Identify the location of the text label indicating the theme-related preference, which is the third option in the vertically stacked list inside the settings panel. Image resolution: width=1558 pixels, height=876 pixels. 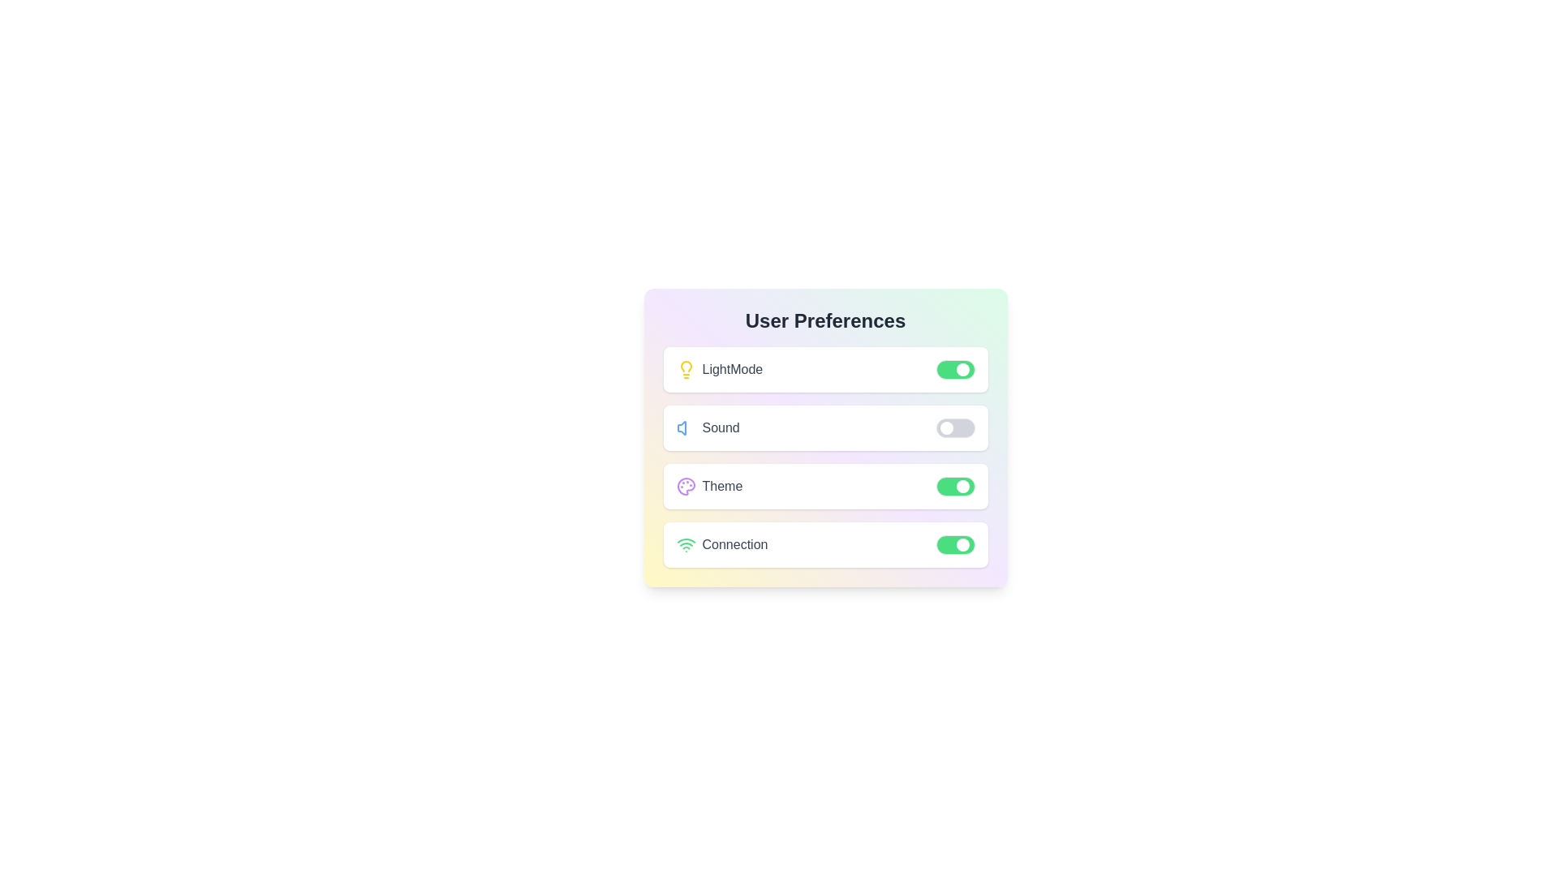
(721, 486).